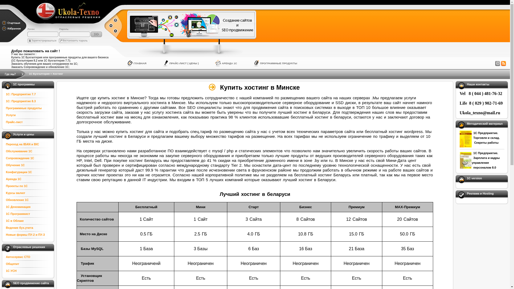 Image resolution: width=514 pixels, height=289 pixels. Describe the element at coordinates (503, 63) in the screenshot. I see `'RSS 2.0'` at that location.